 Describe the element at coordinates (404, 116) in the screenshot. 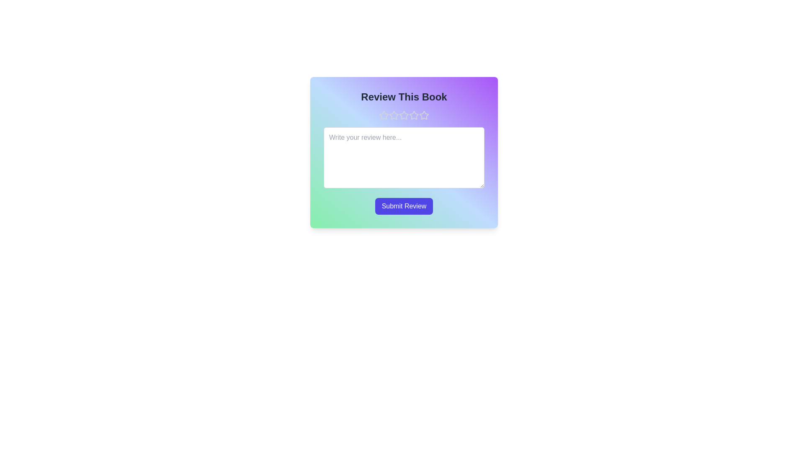

I see `the star corresponding to 3 stars to preview the rating` at that location.